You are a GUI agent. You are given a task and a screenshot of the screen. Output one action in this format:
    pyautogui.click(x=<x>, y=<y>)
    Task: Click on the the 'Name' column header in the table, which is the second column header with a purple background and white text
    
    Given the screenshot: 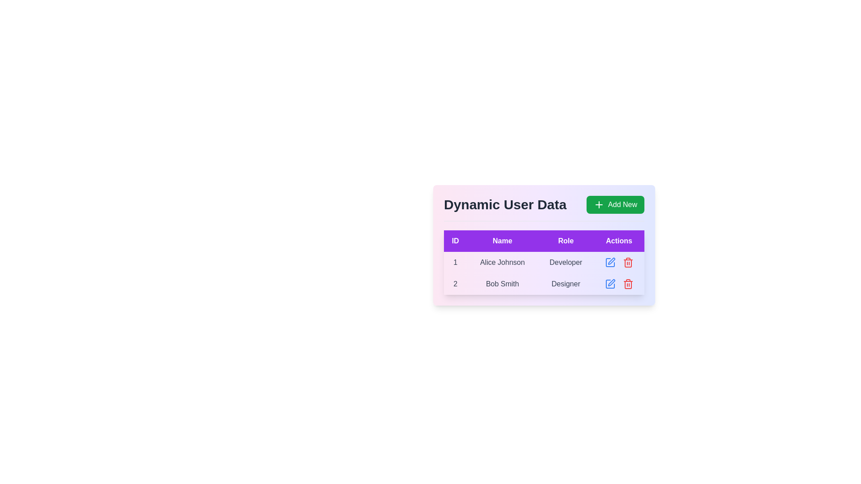 What is the action you would take?
    pyautogui.click(x=502, y=240)
    